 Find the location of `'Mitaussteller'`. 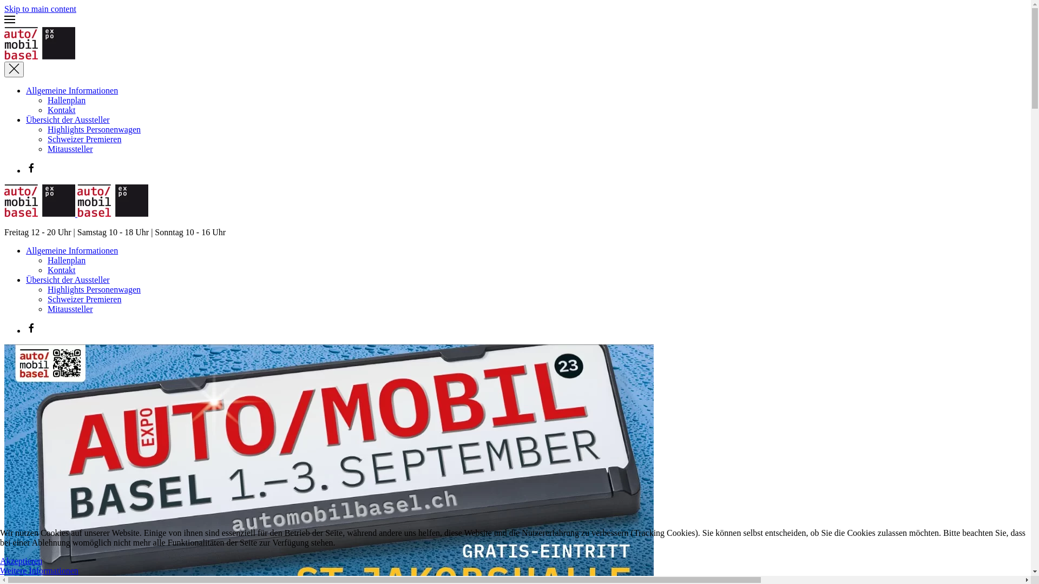

'Mitaussteller' is located at coordinates (69, 309).